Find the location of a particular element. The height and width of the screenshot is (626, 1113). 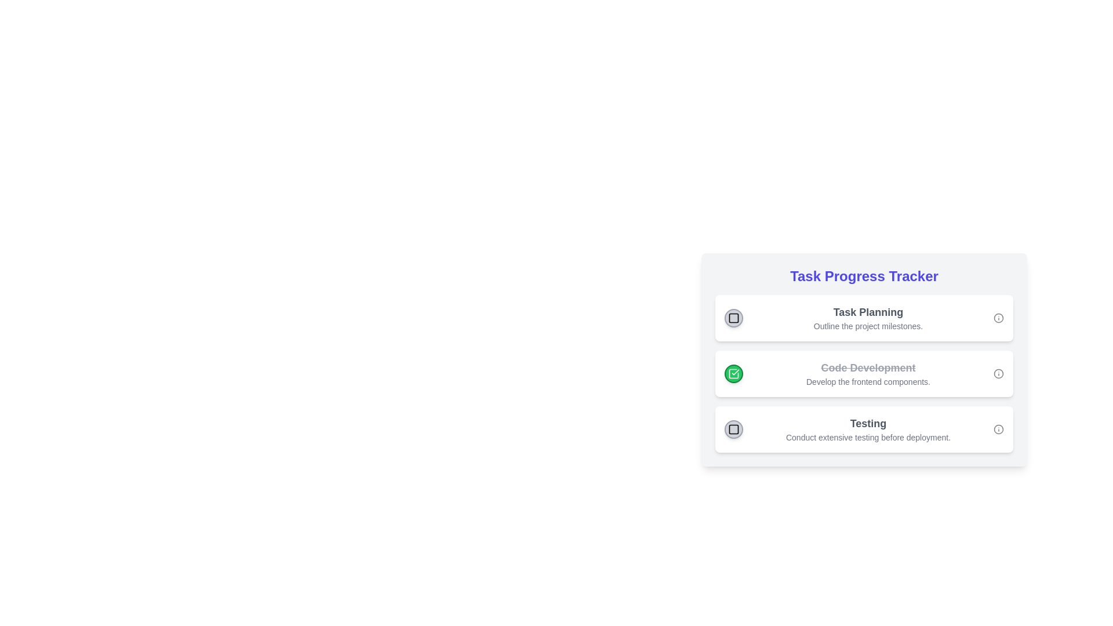

the status of the 'Task Planning' icon, which serves as an identifying status indicator for the task, positioned at the beginning of the row in the tracker module is located at coordinates (733, 318).